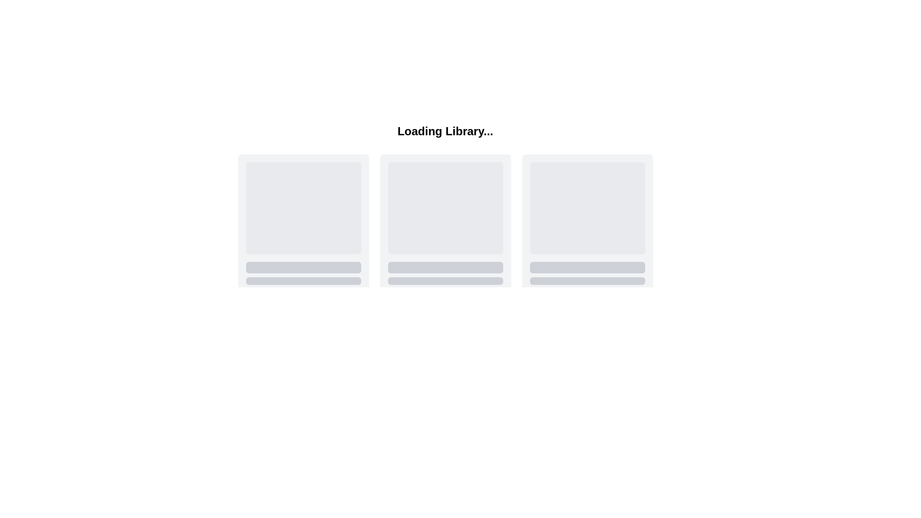 The height and width of the screenshot is (518, 921). What do you see at coordinates (587, 281) in the screenshot?
I see `the Decorative Bar located at the bottom of the rightmost card in a group of three horizontally aligned cards` at bounding box center [587, 281].